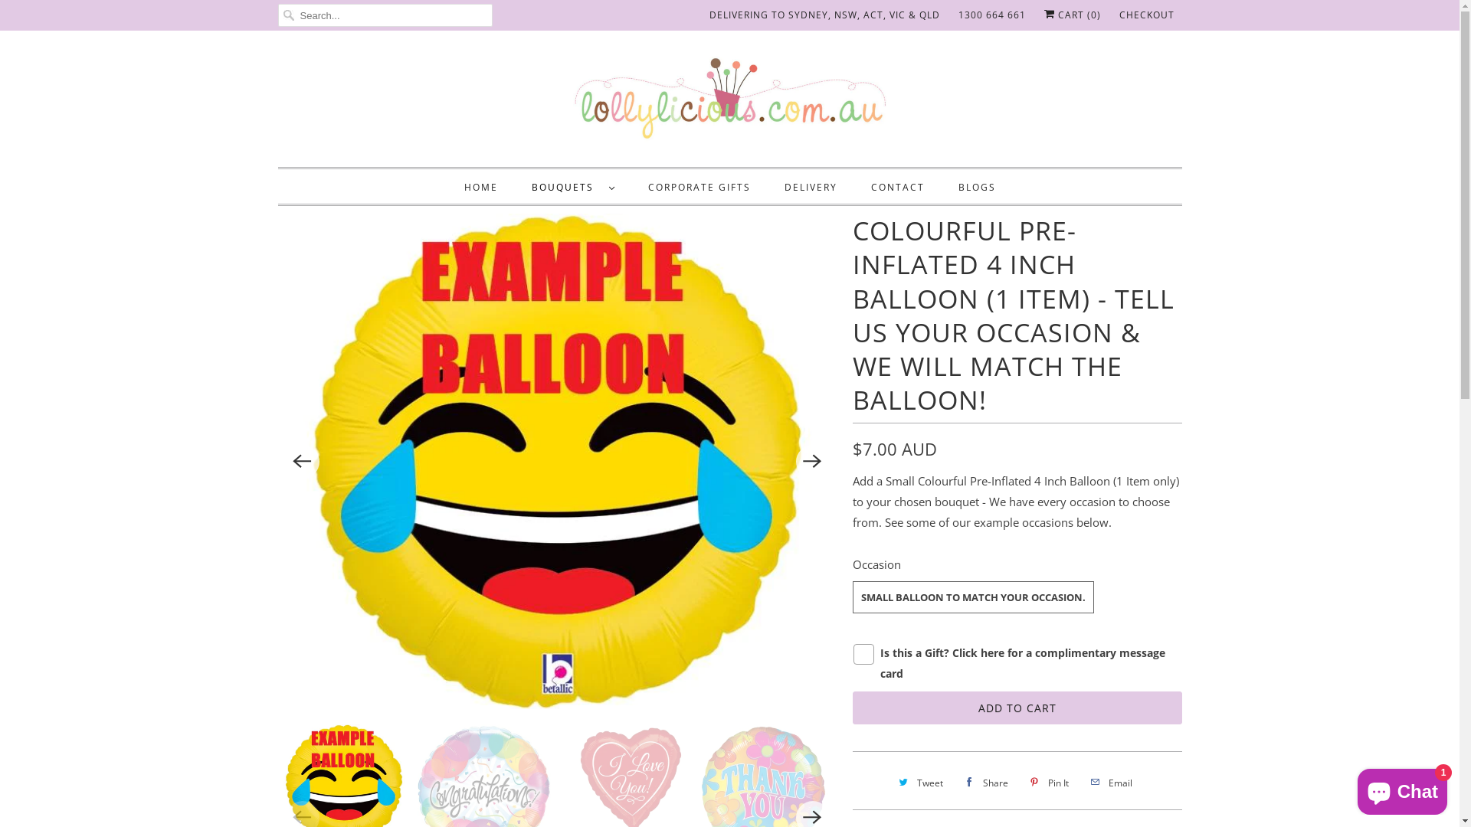 The image size is (1471, 827). What do you see at coordinates (1109, 783) in the screenshot?
I see `'Email'` at bounding box center [1109, 783].